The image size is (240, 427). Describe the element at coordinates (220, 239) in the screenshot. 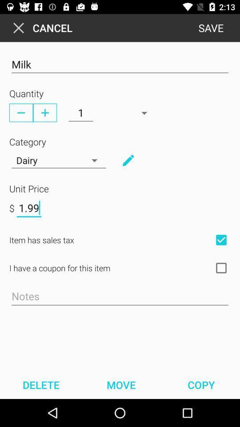

I see `check box for sales tax` at that location.